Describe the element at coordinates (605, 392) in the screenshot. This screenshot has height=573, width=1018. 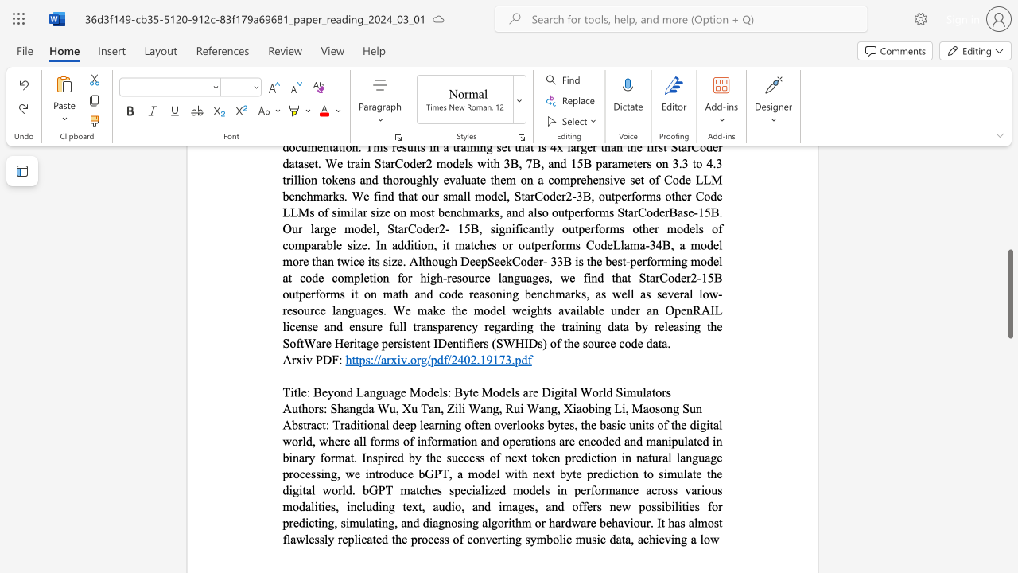
I see `the subset text "d Simulator" within the text "Beyond Language Models: Byte Models are Digital World Simulators"` at that location.